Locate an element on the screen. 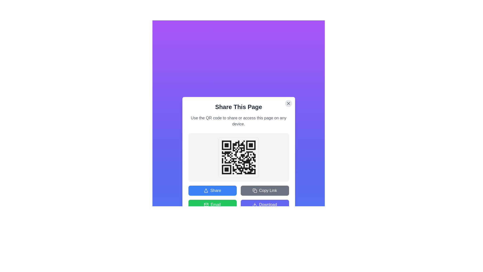 Image resolution: width=483 pixels, height=272 pixels. the QR code in the modal dialog titled 'Share This Page' to interact or scan is located at coordinates (238, 156).